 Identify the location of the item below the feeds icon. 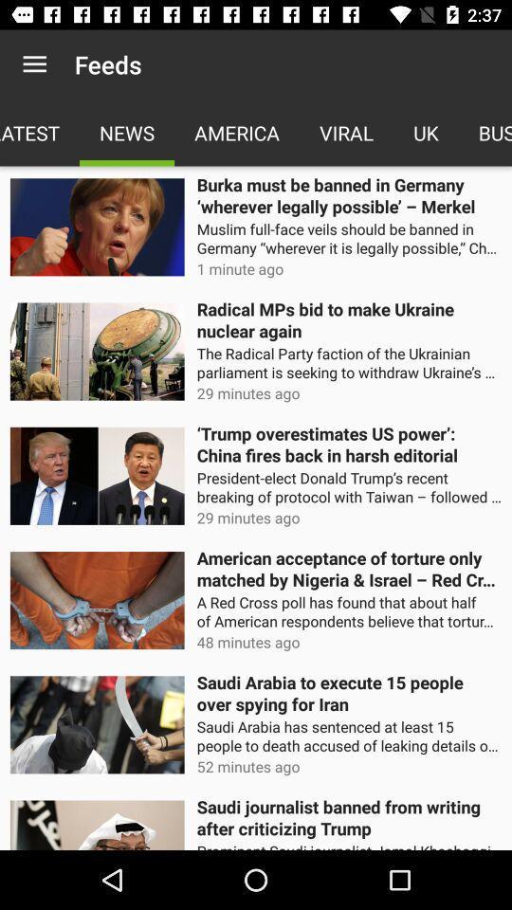
(127, 132).